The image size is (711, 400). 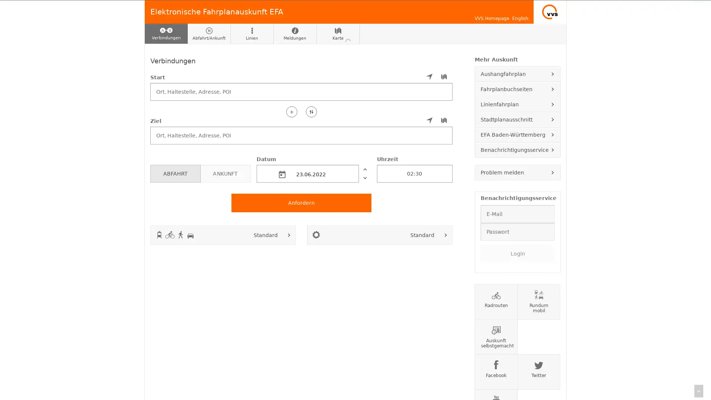 What do you see at coordinates (313, 169) in the screenshot?
I see `Datum 23.06.2022 vorher nachher` at bounding box center [313, 169].